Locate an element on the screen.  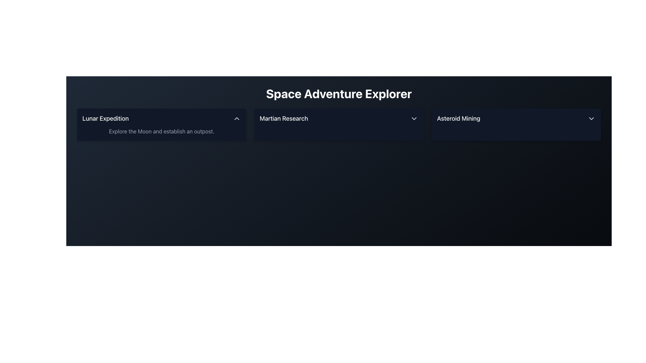
the 'Asteroid Mining' text label is located at coordinates (458, 118).